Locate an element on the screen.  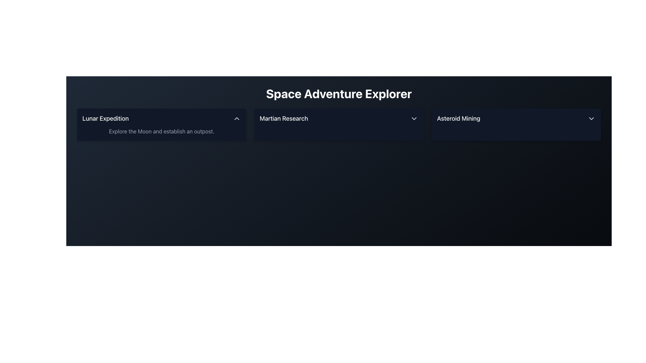
the 'Asteroid Mining' text label is located at coordinates (458, 118).